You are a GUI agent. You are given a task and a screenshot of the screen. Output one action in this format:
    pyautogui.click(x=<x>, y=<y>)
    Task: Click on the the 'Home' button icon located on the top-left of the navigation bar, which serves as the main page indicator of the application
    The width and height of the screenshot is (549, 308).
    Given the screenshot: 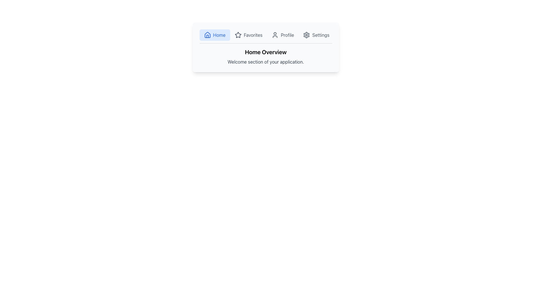 What is the action you would take?
    pyautogui.click(x=207, y=35)
    